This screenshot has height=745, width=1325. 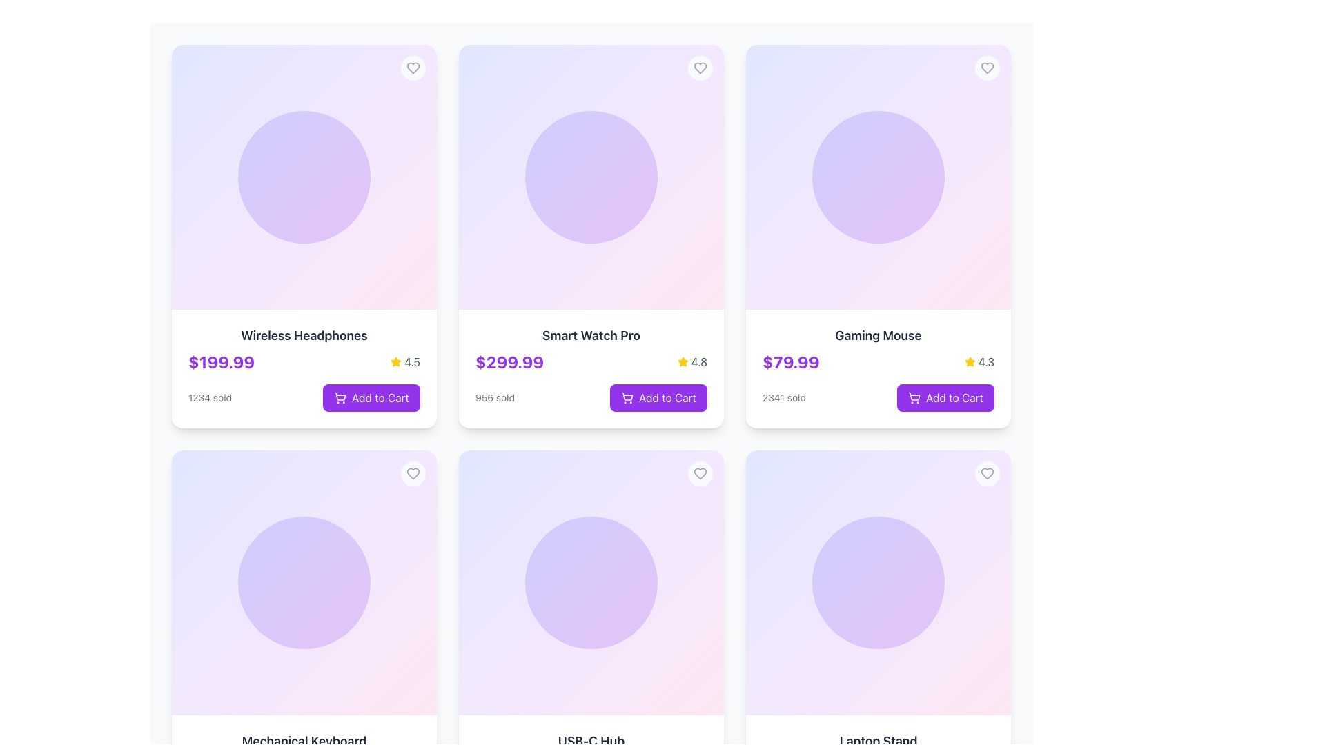 What do you see at coordinates (986, 68) in the screenshot?
I see `the favorite/wish list icon located at the top-right corner of the 'Gaming Mouse' card` at bounding box center [986, 68].